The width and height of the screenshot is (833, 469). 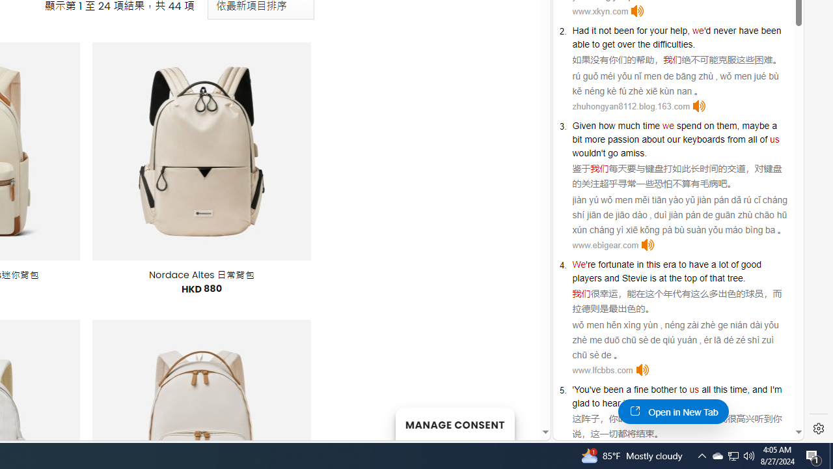 What do you see at coordinates (673, 44) in the screenshot?
I see `'difficulties'` at bounding box center [673, 44].